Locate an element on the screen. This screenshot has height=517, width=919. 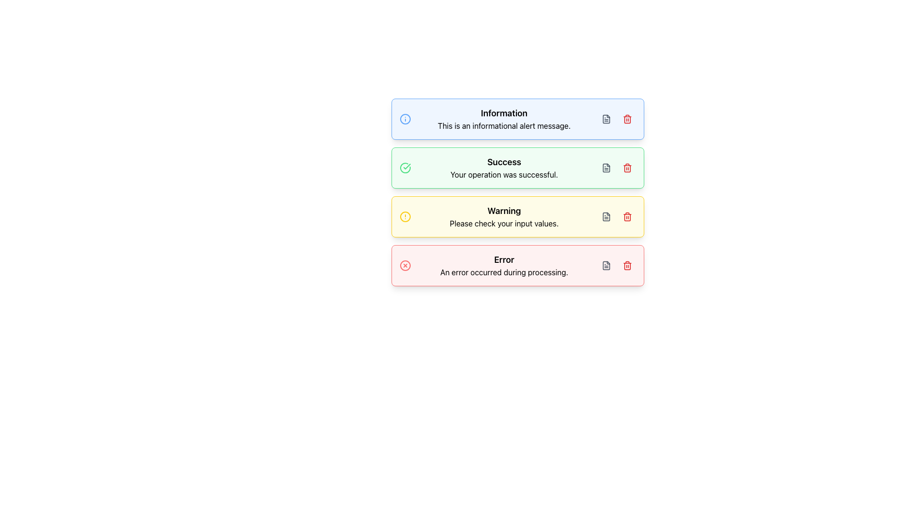
the visual warning icon located on the left side of the warning alert box that contains the messages 'Warning' and 'Please check your input values.', positioned near the top-left corner of the third alert box in a vertical list of alert boxes is located at coordinates (405, 216).